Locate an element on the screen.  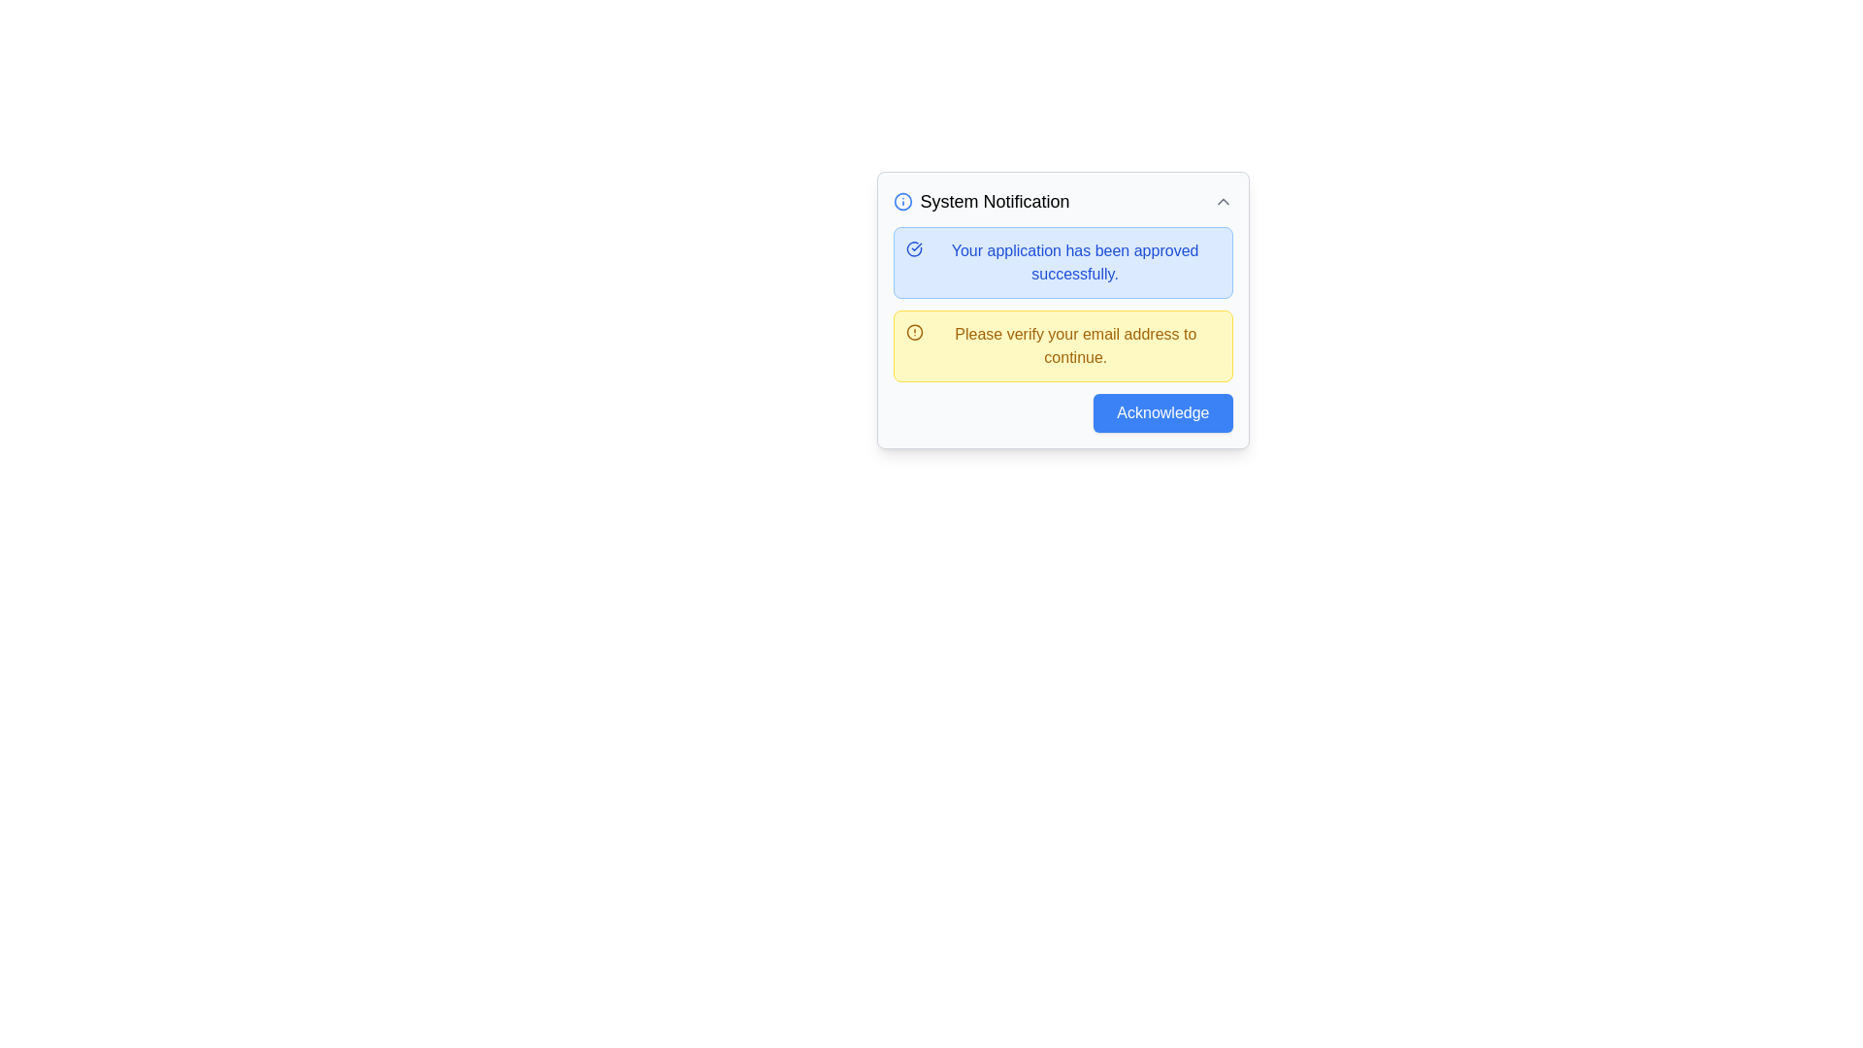
the gray upward arrow button located to the right of the 'System Notification' heading is located at coordinates (1222, 202).